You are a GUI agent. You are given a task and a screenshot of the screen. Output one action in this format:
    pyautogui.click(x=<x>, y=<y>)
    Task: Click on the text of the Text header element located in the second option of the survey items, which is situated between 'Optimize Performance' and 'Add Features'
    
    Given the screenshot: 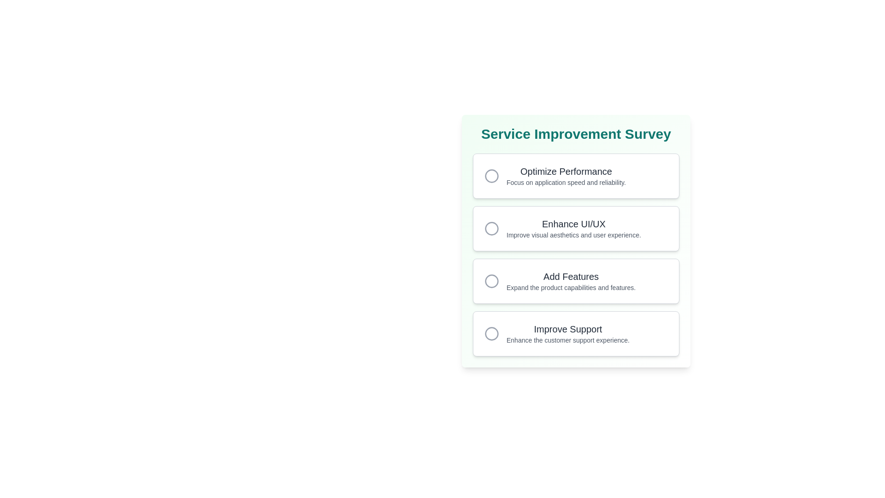 What is the action you would take?
    pyautogui.click(x=573, y=224)
    